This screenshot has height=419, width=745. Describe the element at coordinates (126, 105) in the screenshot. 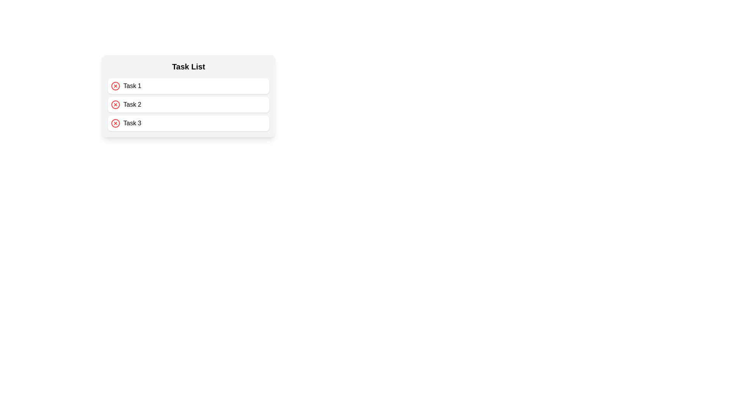

I see `on the 'Task 2' element in the task list` at that location.